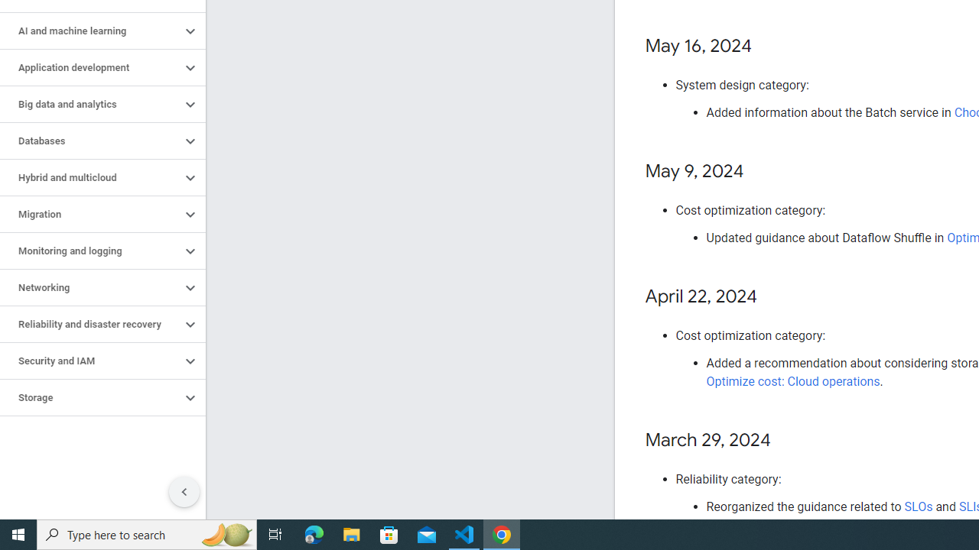 The height and width of the screenshot is (550, 979). Describe the element at coordinates (89, 141) in the screenshot. I see `'Databases'` at that location.